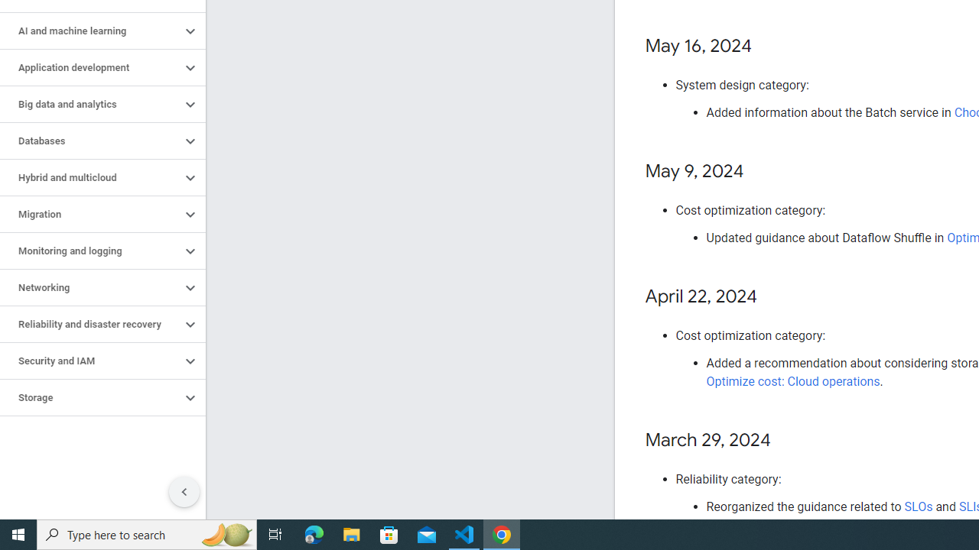 The height and width of the screenshot is (550, 979). Describe the element at coordinates (89, 141) in the screenshot. I see `'Databases'` at that location.